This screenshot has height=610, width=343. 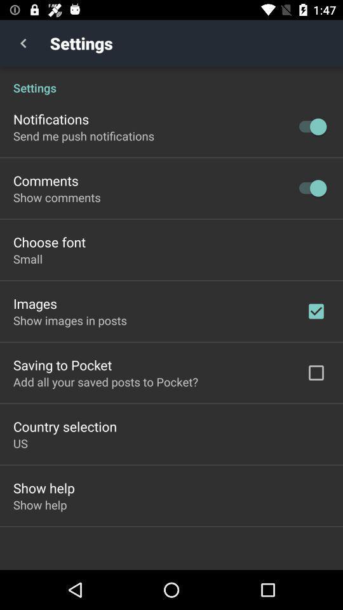 I want to click on send me push, so click(x=83, y=136).